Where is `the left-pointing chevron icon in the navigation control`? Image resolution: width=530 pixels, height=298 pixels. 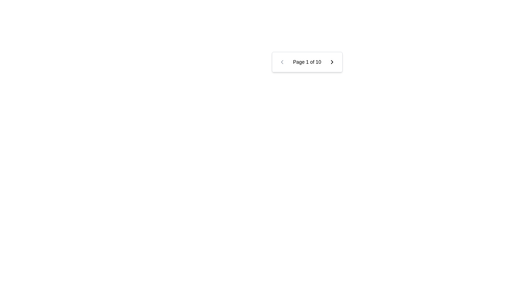
the left-pointing chevron icon in the navigation control is located at coordinates (282, 62).